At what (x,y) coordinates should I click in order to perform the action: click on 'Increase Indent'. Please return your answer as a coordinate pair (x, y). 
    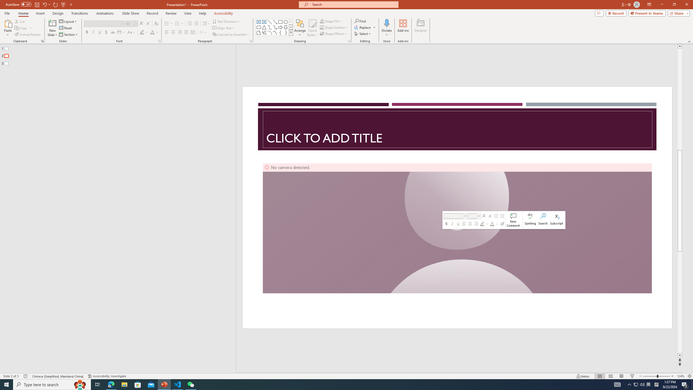
    Looking at the image, I should click on (196, 24).